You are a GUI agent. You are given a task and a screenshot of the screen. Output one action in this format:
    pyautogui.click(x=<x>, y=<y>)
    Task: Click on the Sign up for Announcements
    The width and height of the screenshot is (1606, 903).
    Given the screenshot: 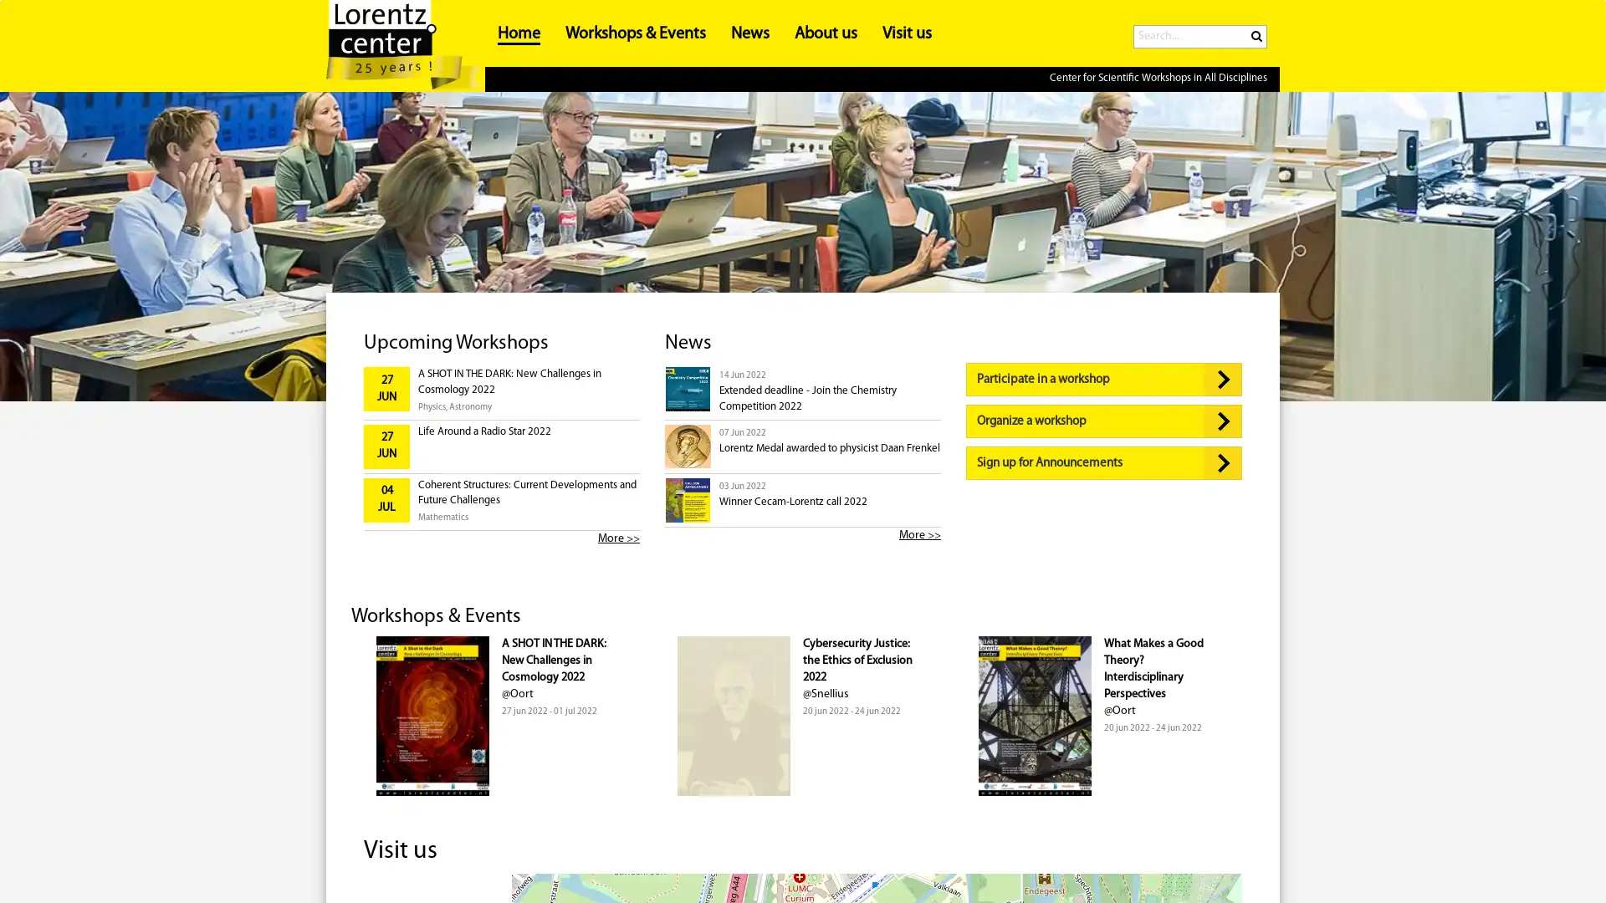 What is the action you would take?
    pyautogui.click(x=1104, y=463)
    